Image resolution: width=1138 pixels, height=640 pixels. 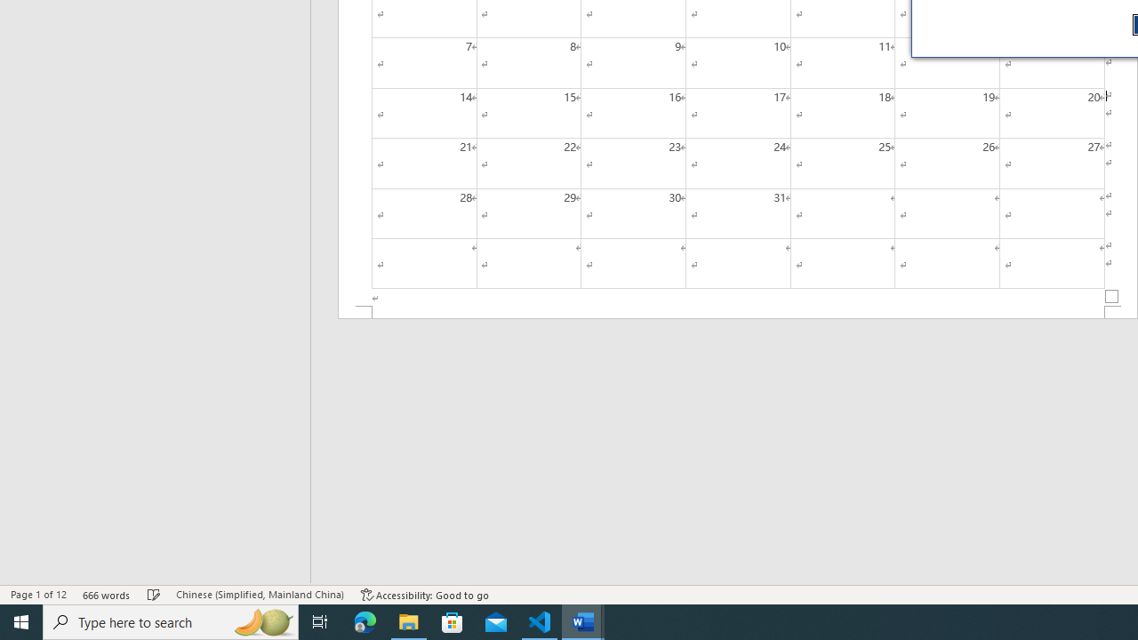 I want to click on 'Language Chinese (Simplified, Mainland China)', so click(x=259, y=595).